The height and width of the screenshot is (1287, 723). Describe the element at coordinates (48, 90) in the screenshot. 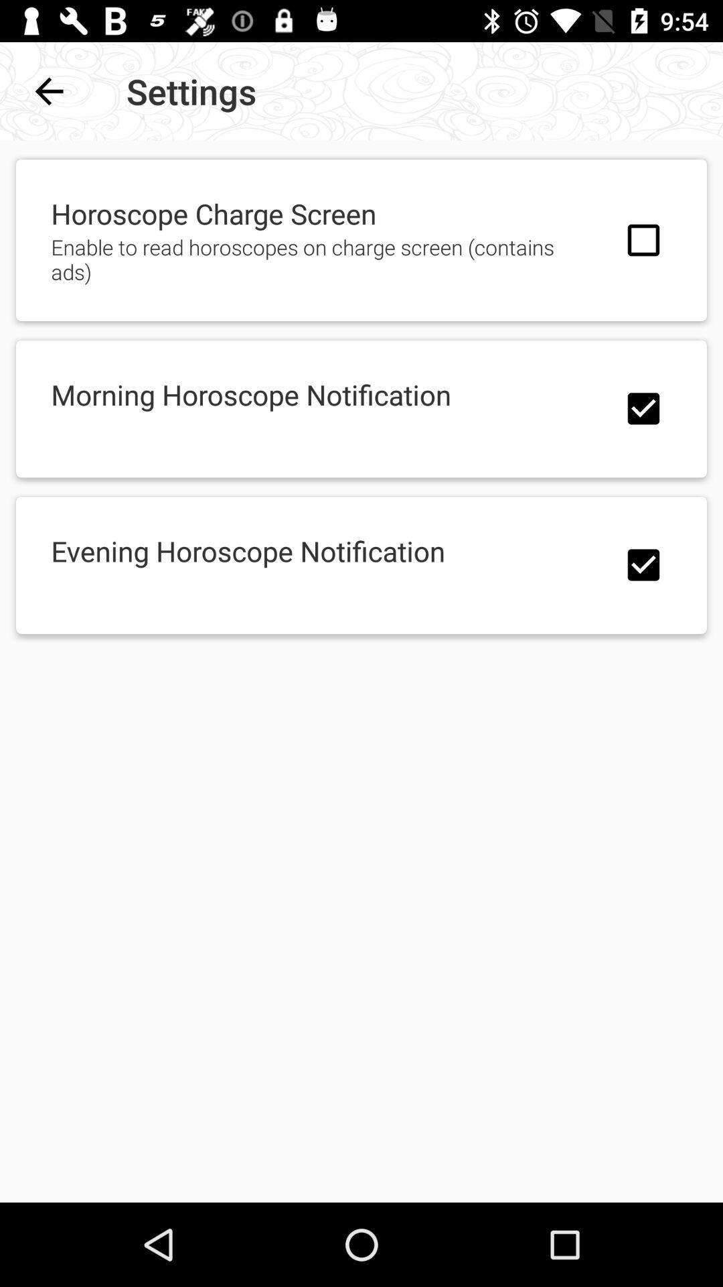

I see `the item to the left of settings item` at that location.